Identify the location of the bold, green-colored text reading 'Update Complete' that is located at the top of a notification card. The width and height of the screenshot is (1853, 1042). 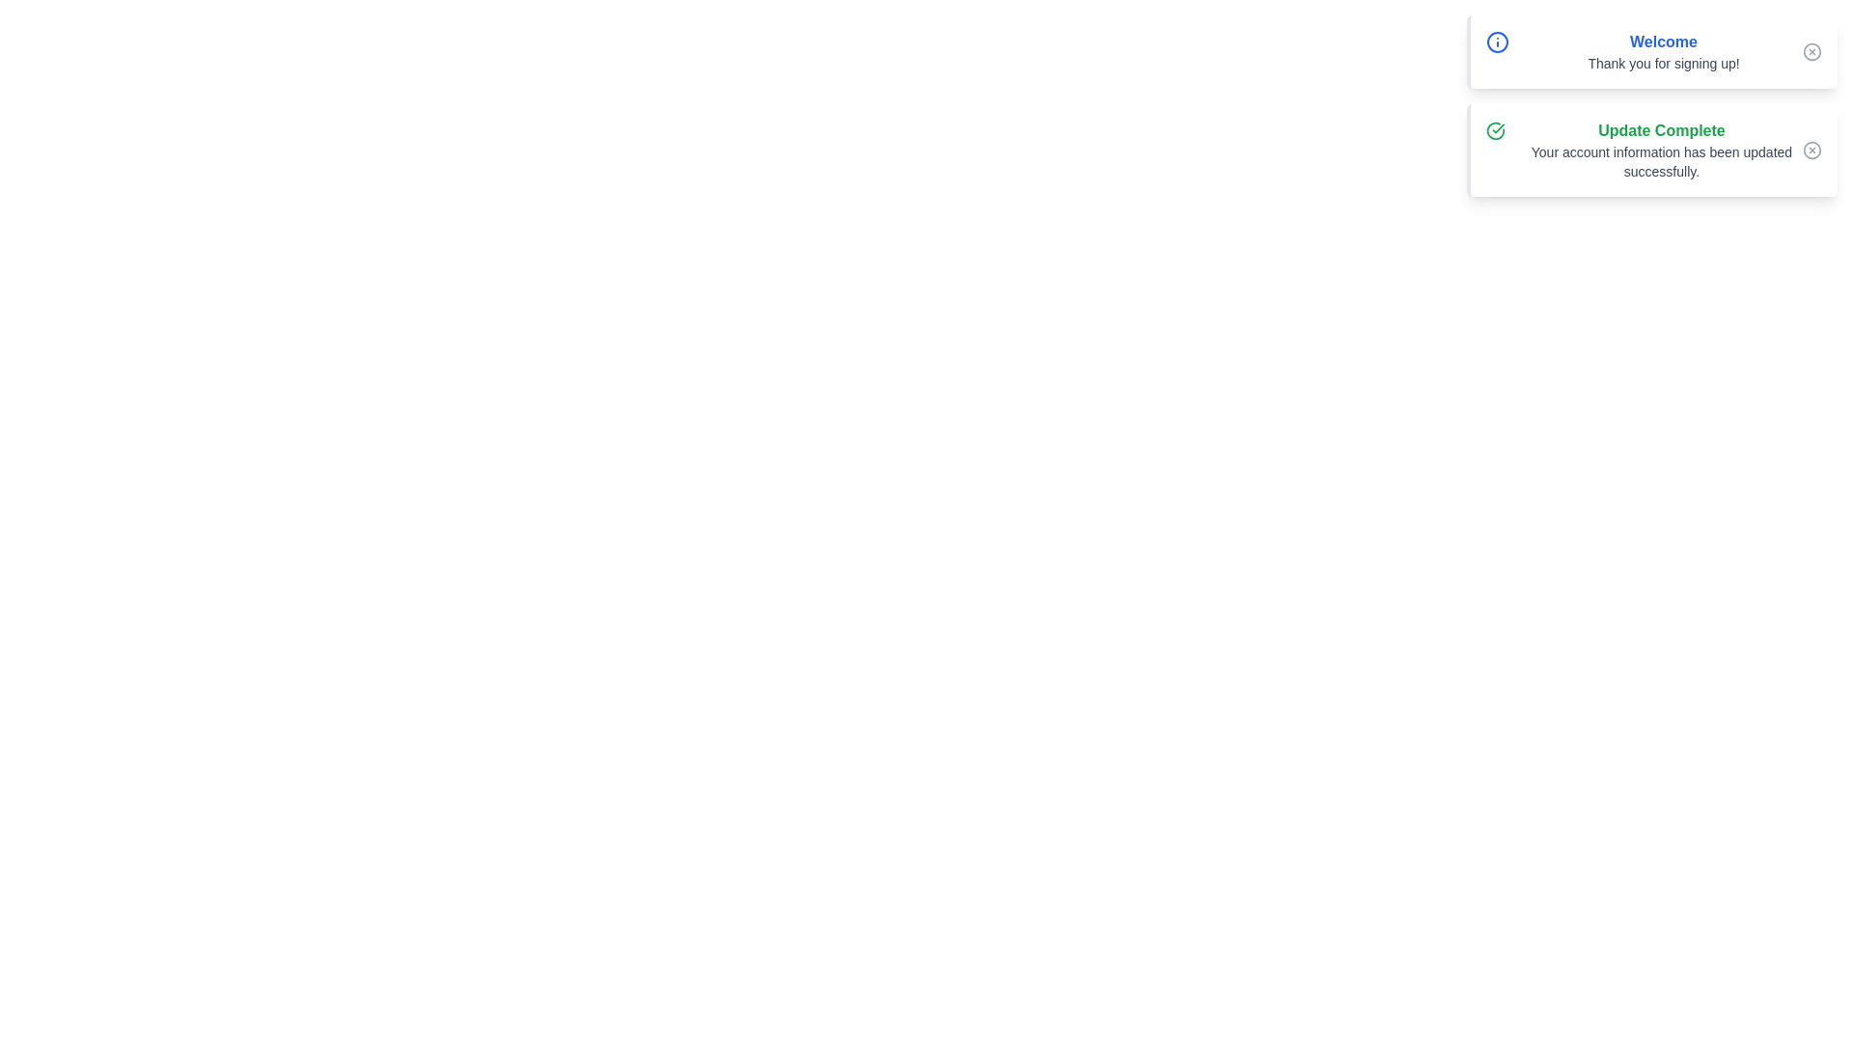
(1660, 130).